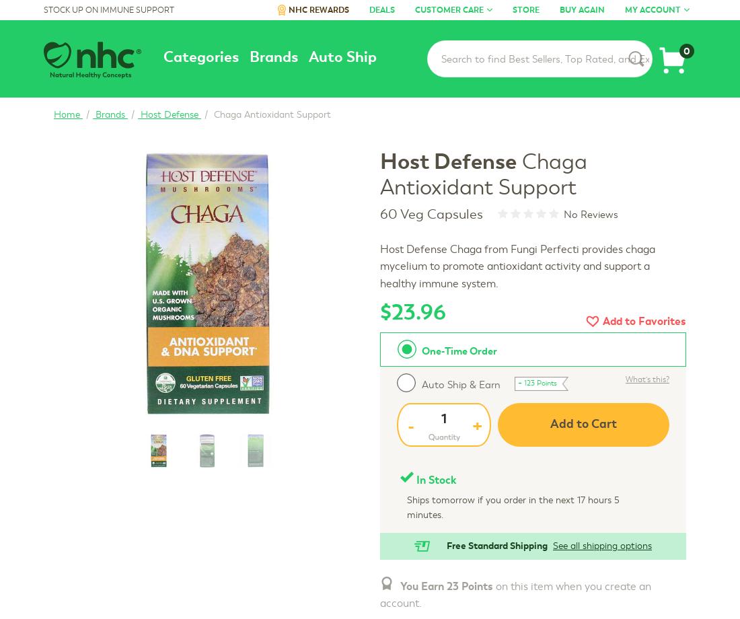 The width and height of the screenshot is (740, 619). Describe the element at coordinates (512, 9) in the screenshot. I see `'Store'` at that location.